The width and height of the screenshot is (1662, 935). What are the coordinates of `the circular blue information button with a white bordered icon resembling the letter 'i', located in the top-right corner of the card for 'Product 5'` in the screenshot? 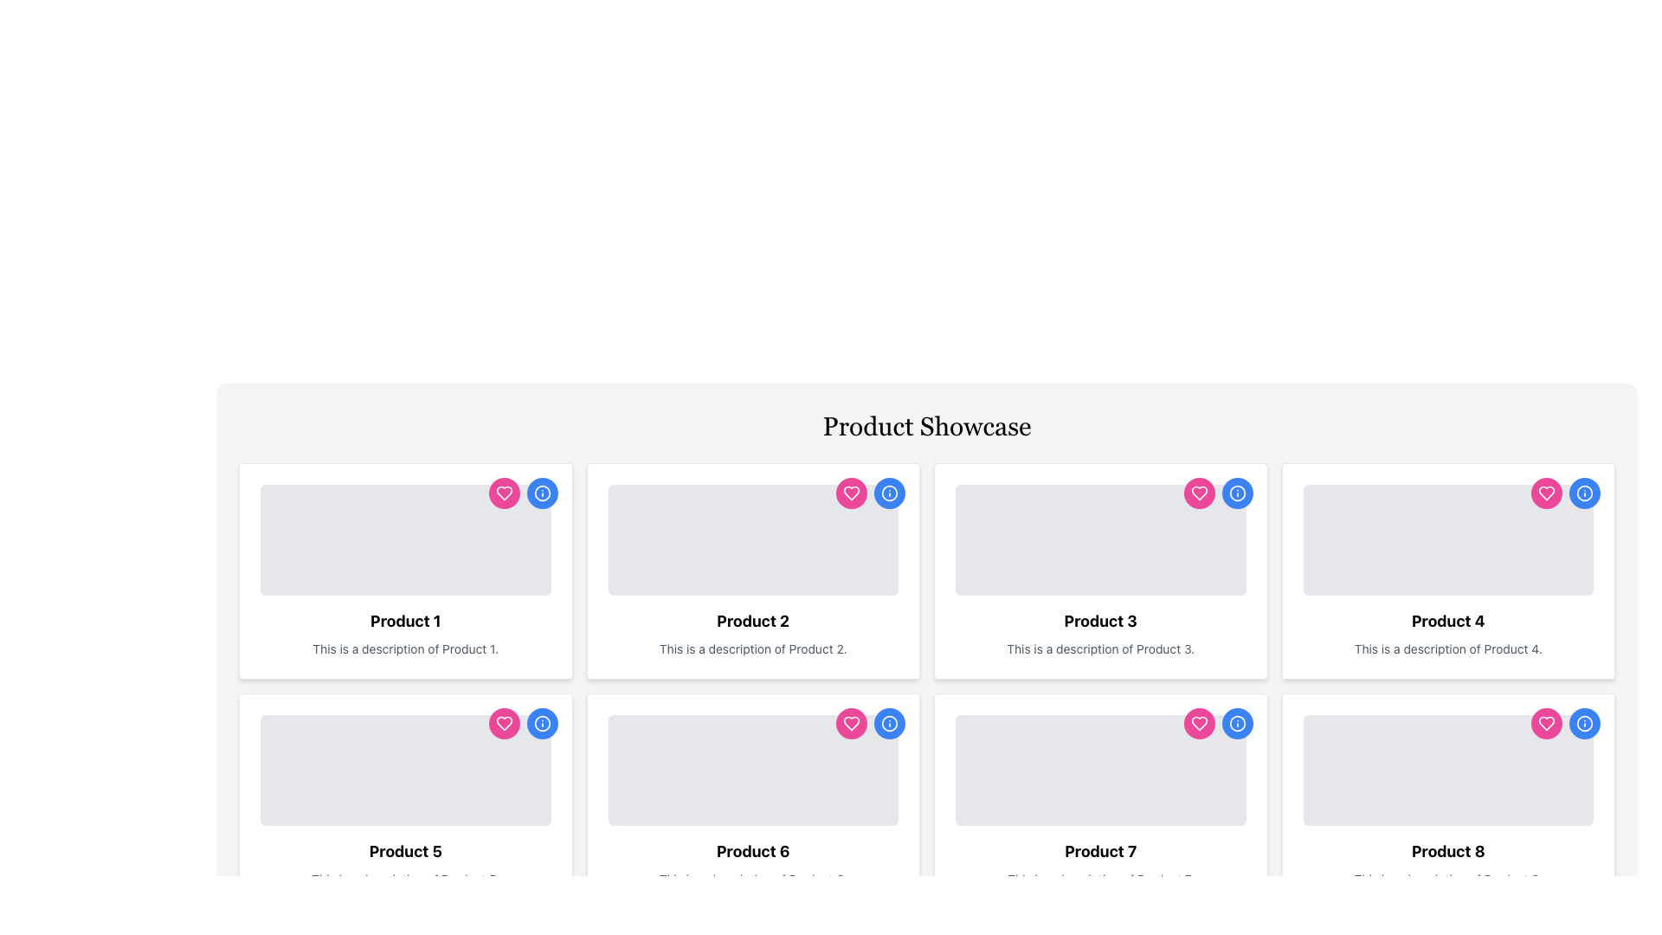 It's located at (541, 724).